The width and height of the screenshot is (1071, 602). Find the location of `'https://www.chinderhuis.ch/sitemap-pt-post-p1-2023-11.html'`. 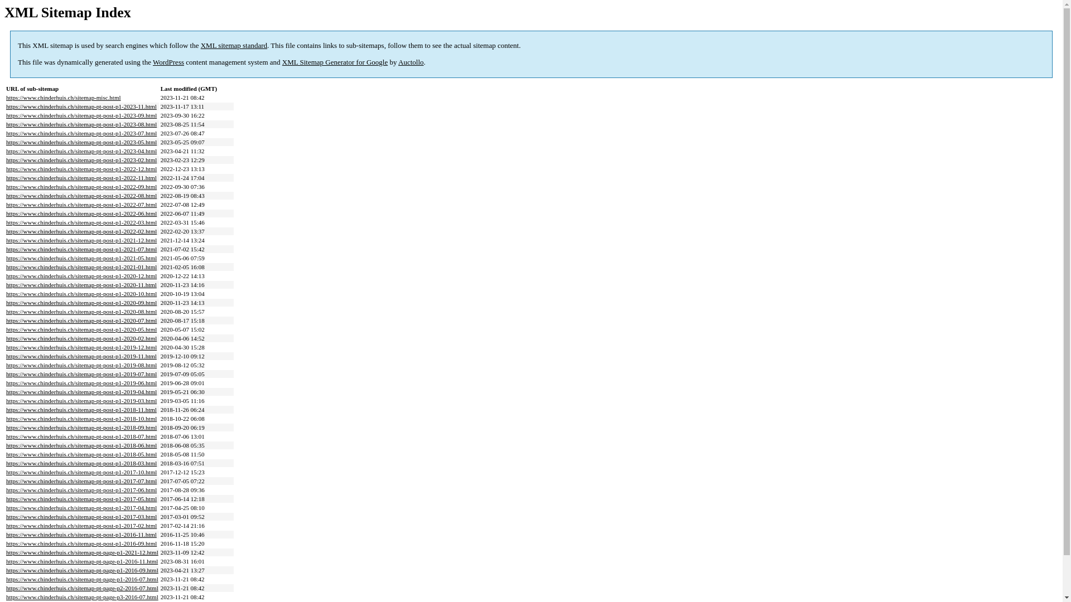

'https://www.chinderhuis.ch/sitemap-pt-post-p1-2023-11.html' is located at coordinates (80, 106).